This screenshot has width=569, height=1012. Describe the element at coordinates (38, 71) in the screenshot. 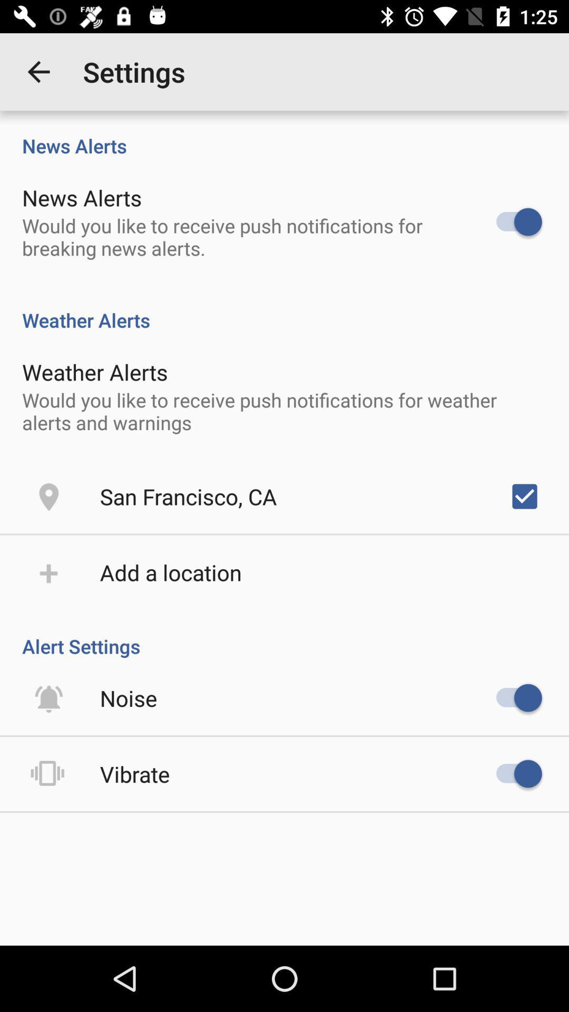

I see `icon to the left of the settings  app` at that location.